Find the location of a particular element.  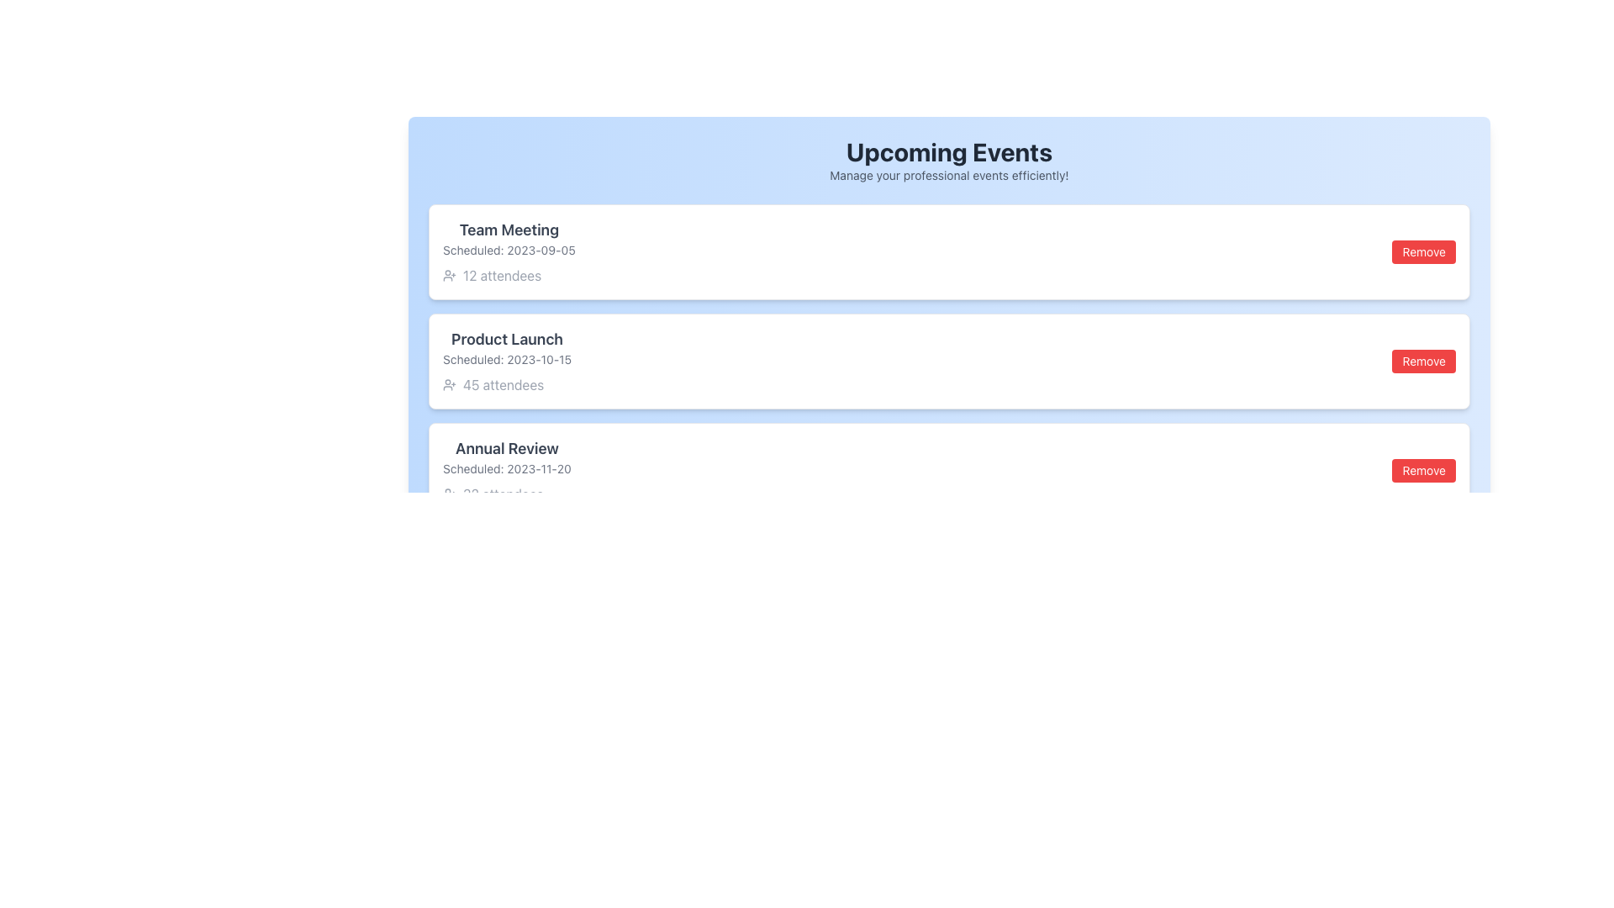

the 'Product Launch' text label, which is styled in gray and bold, located in the Upcoming Events section of the page is located at coordinates (506, 340).